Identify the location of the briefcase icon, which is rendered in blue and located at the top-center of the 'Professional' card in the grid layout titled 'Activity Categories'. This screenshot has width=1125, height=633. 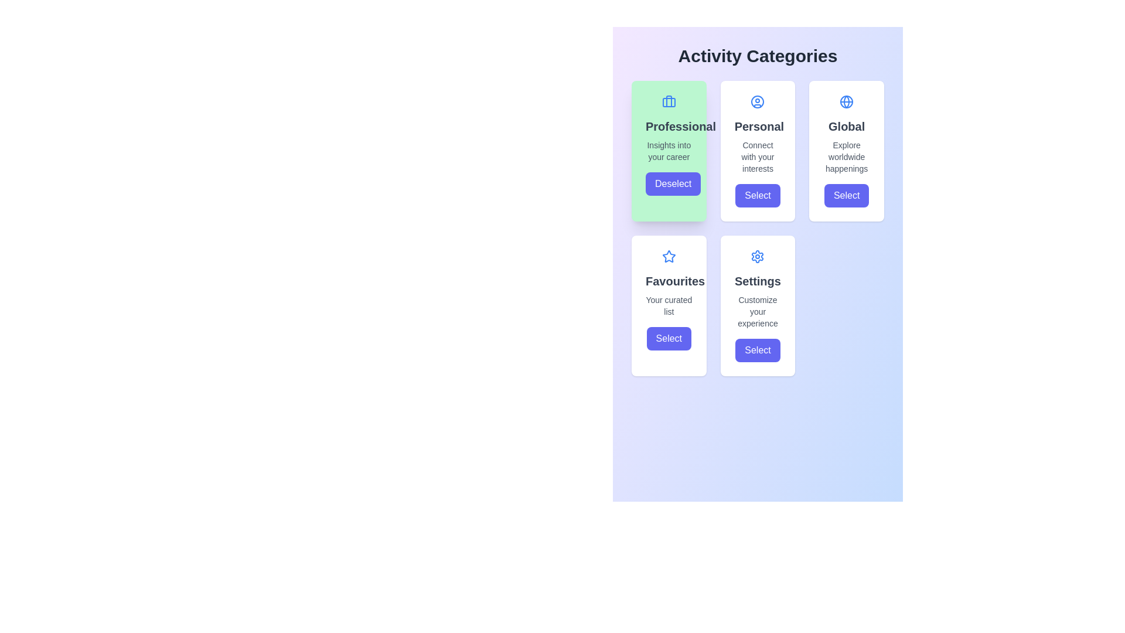
(669, 101).